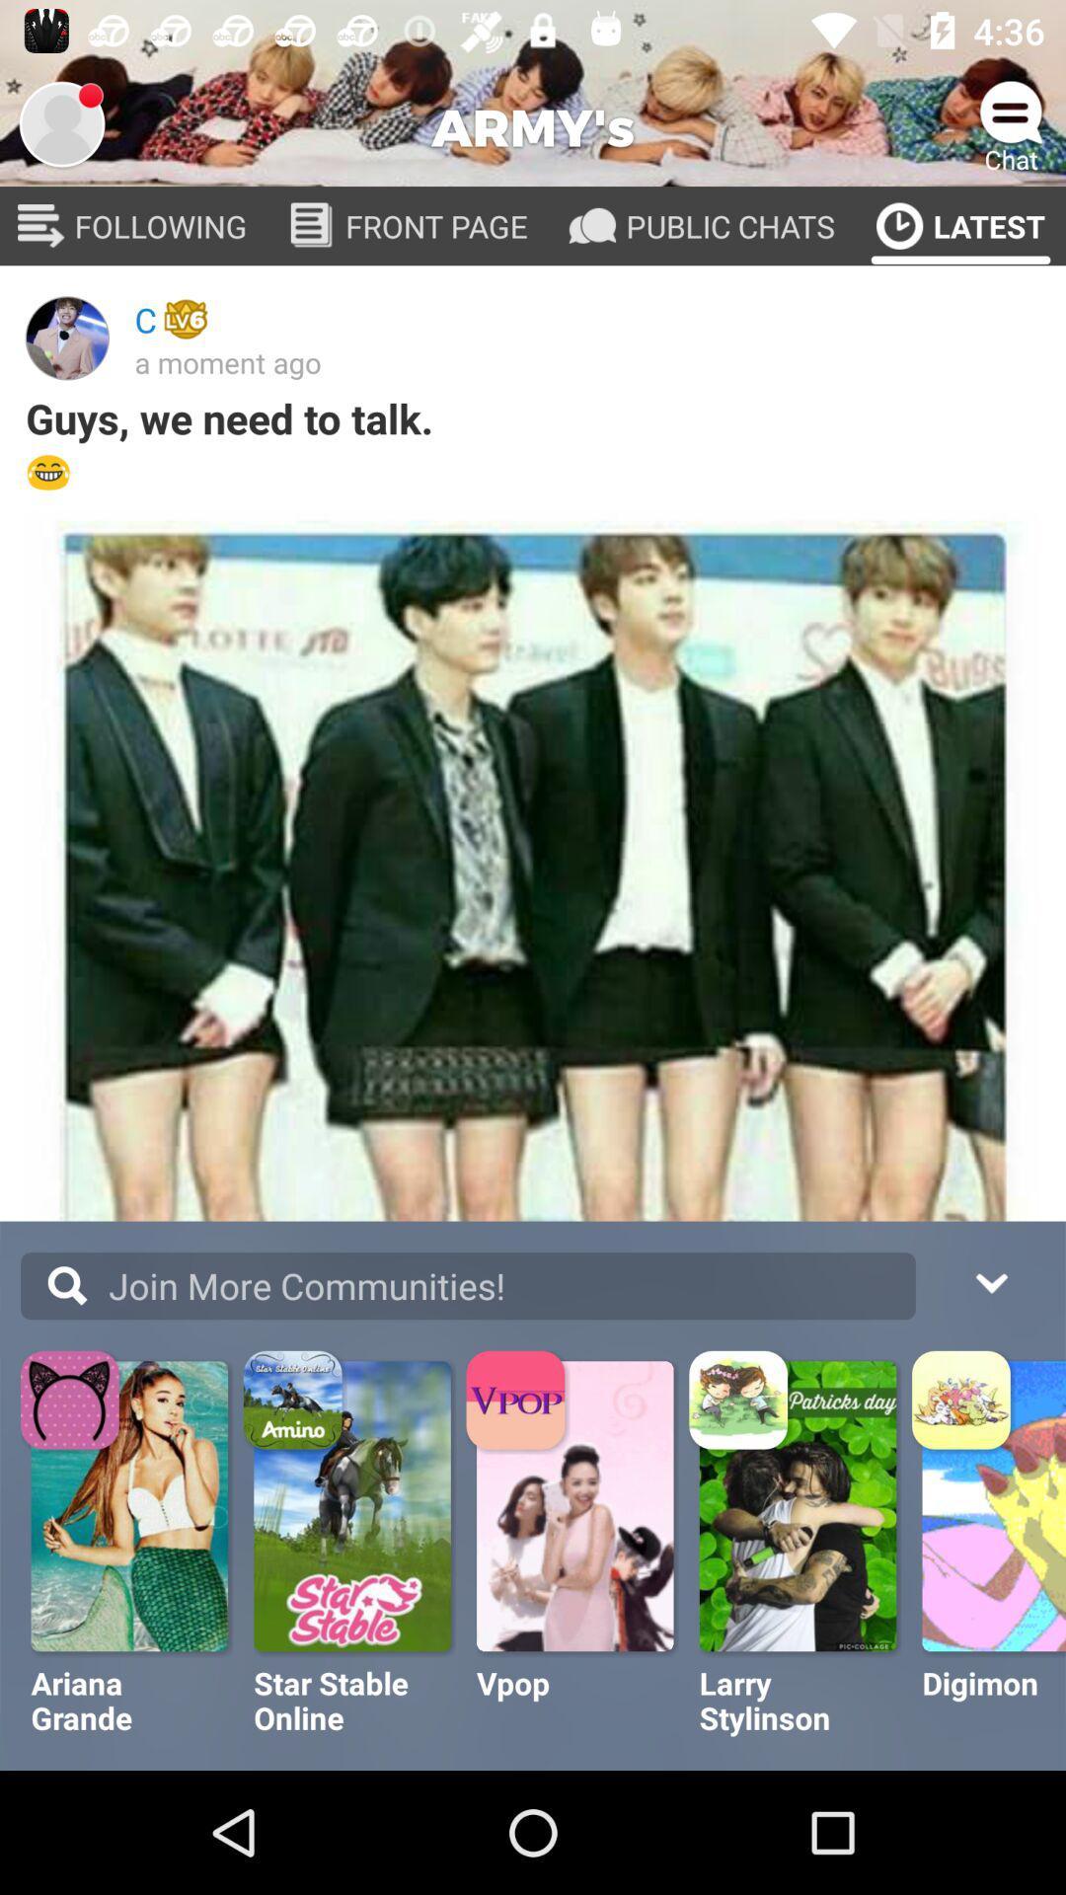  Describe the element at coordinates (994, 1505) in the screenshot. I see `digimon picture` at that location.